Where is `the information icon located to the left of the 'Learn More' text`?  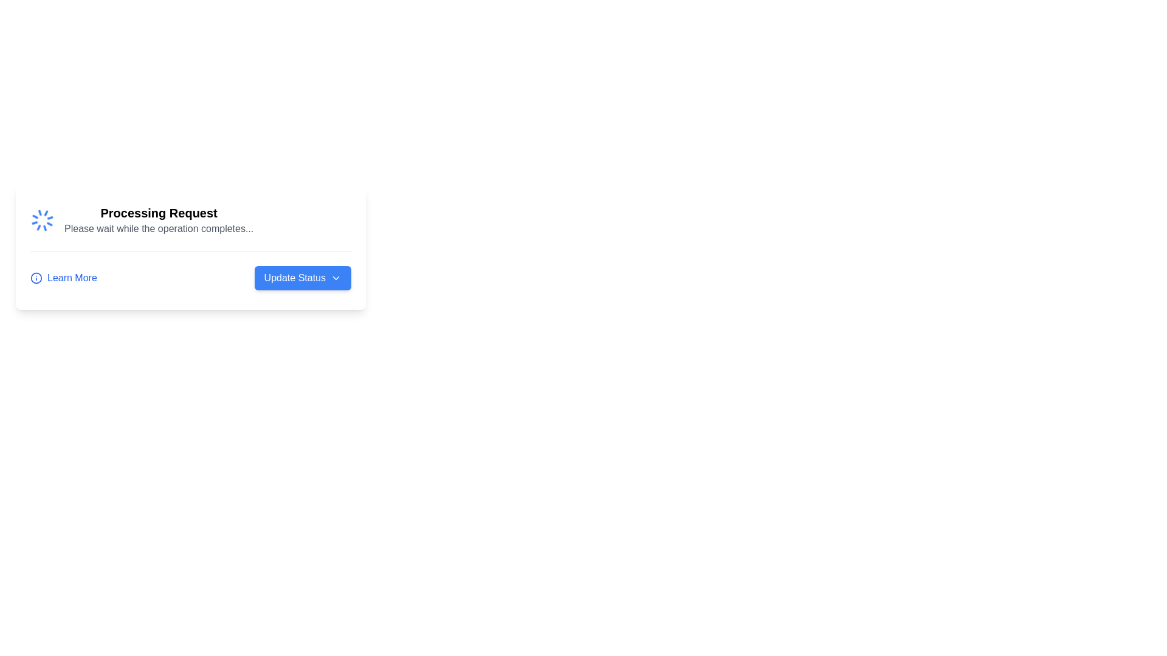
the information icon located to the left of the 'Learn More' text is located at coordinates (36, 278).